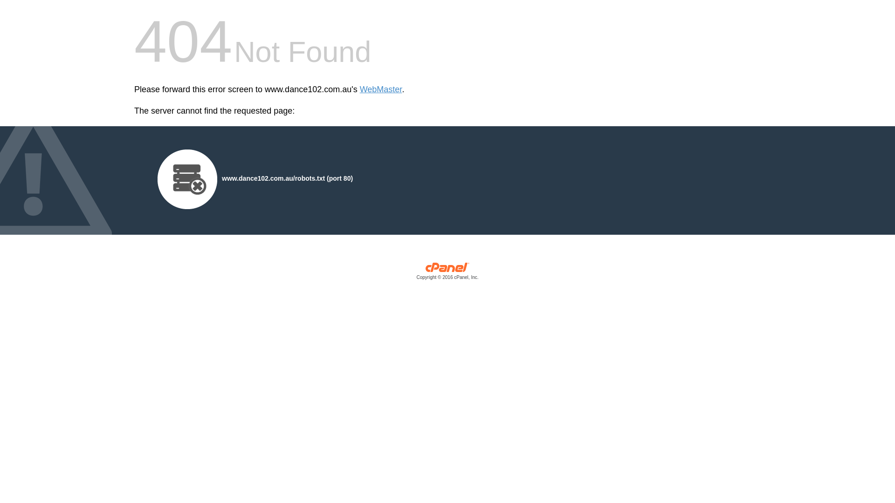 The height and width of the screenshot is (503, 895). What do you see at coordinates (381, 89) in the screenshot?
I see `'WebMaster'` at bounding box center [381, 89].